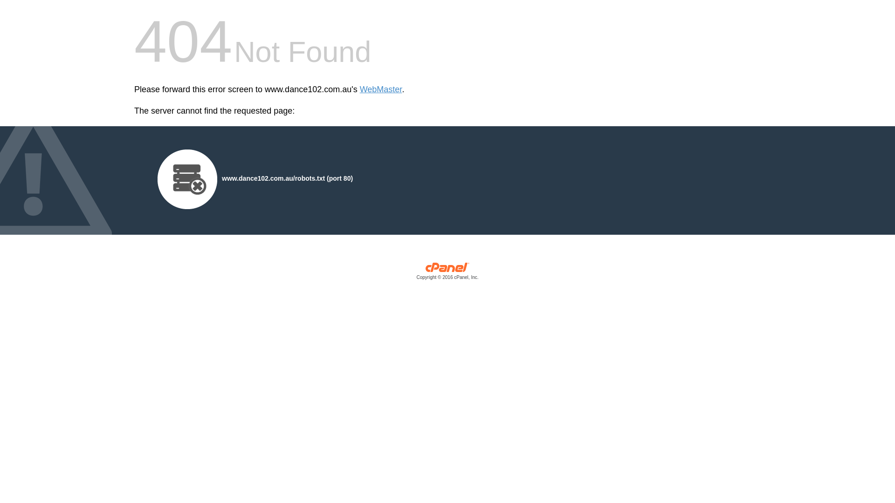 The height and width of the screenshot is (503, 895). What do you see at coordinates (381, 89) in the screenshot?
I see `'WebMaster'` at bounding box center [381, 89].